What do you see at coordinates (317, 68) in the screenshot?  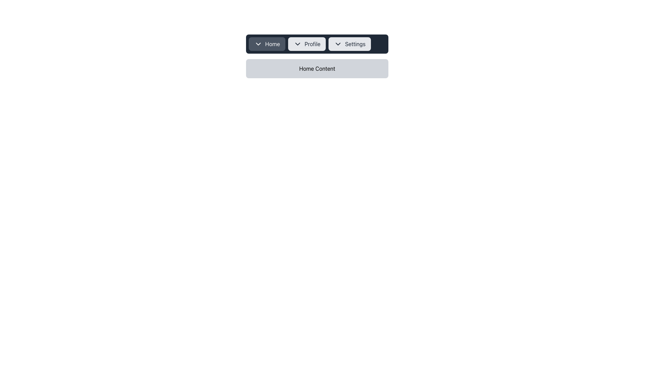 I see `the static text label with the text 'Home Content', which is styled with a gray background and is located beneath the navigation bar` at bounding box center [317, 68].